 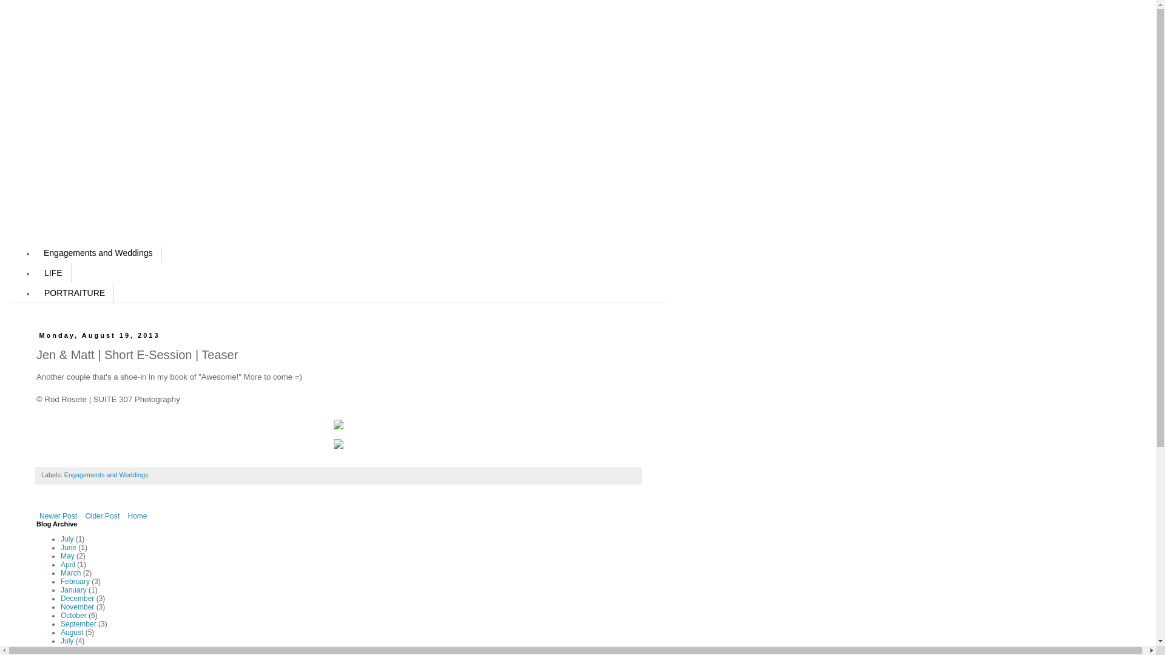 I want to click on 'Facebook', so click(x=62, y=172).